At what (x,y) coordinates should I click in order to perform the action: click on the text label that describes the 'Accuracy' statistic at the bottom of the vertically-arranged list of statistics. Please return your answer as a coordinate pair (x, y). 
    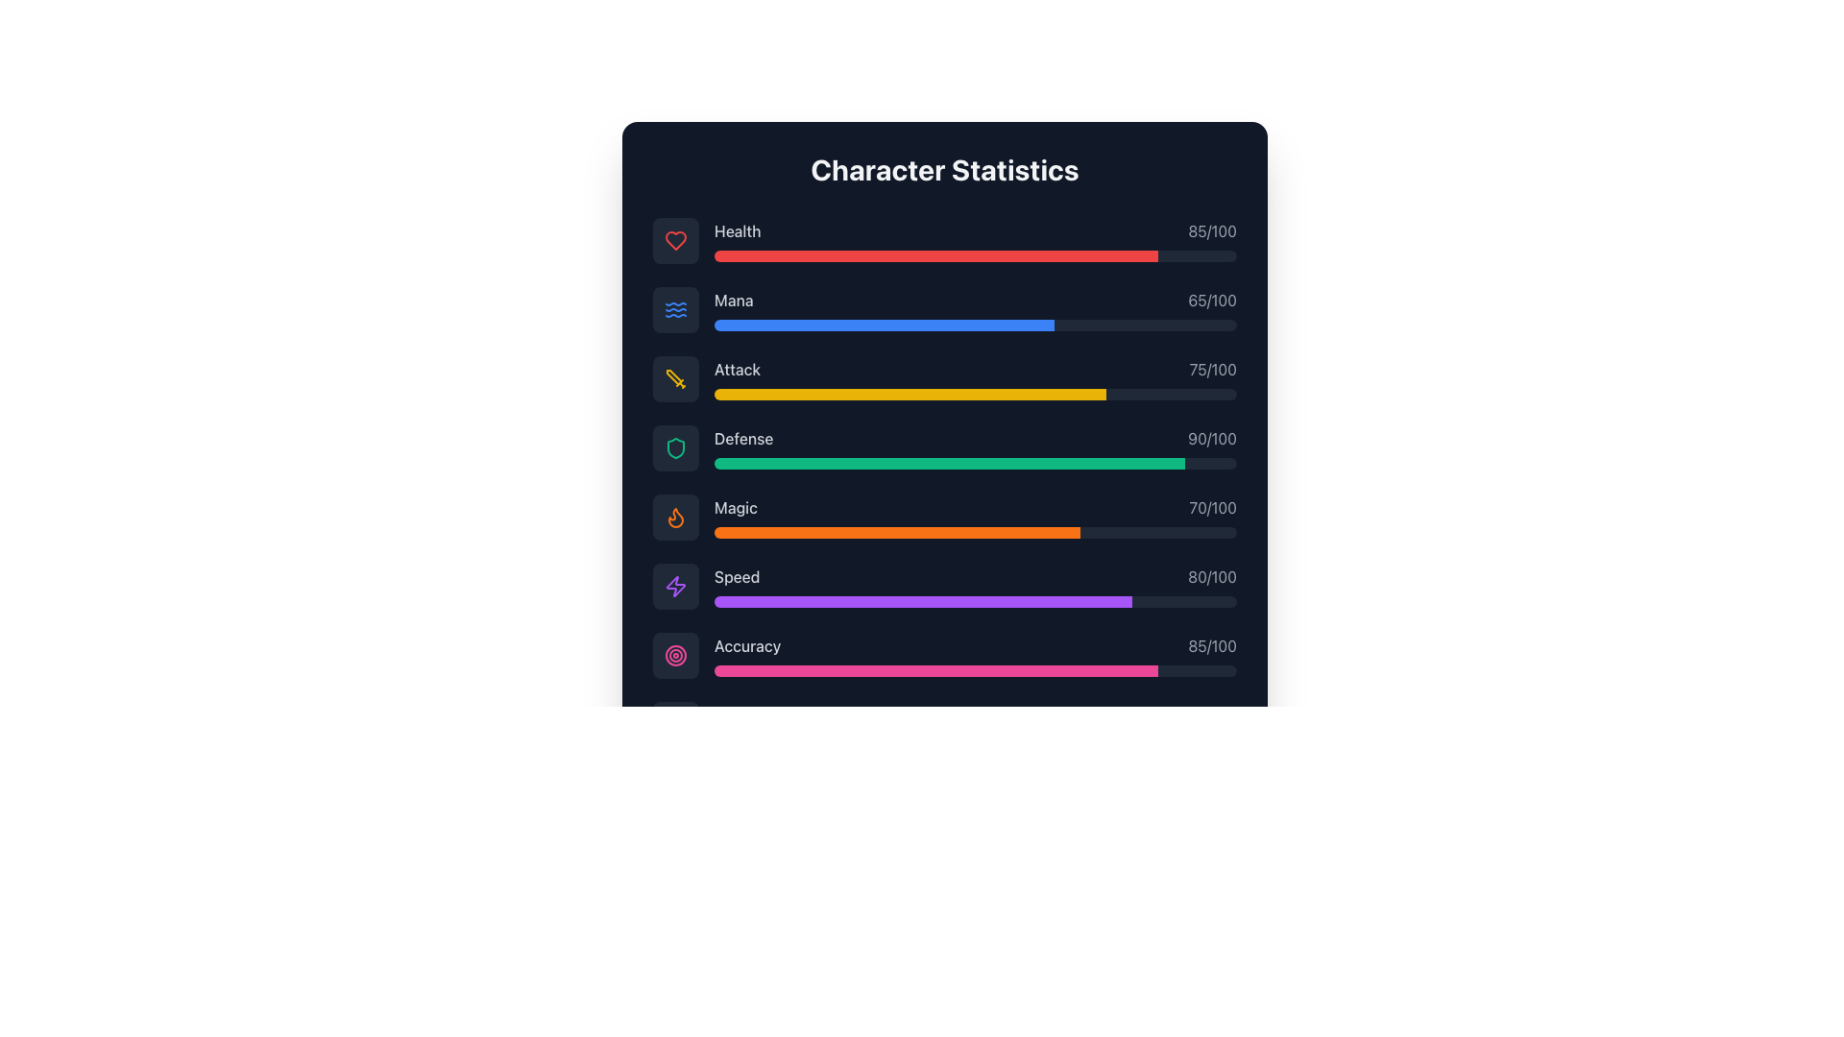
    Looking at the image, I should click on (746, 645).